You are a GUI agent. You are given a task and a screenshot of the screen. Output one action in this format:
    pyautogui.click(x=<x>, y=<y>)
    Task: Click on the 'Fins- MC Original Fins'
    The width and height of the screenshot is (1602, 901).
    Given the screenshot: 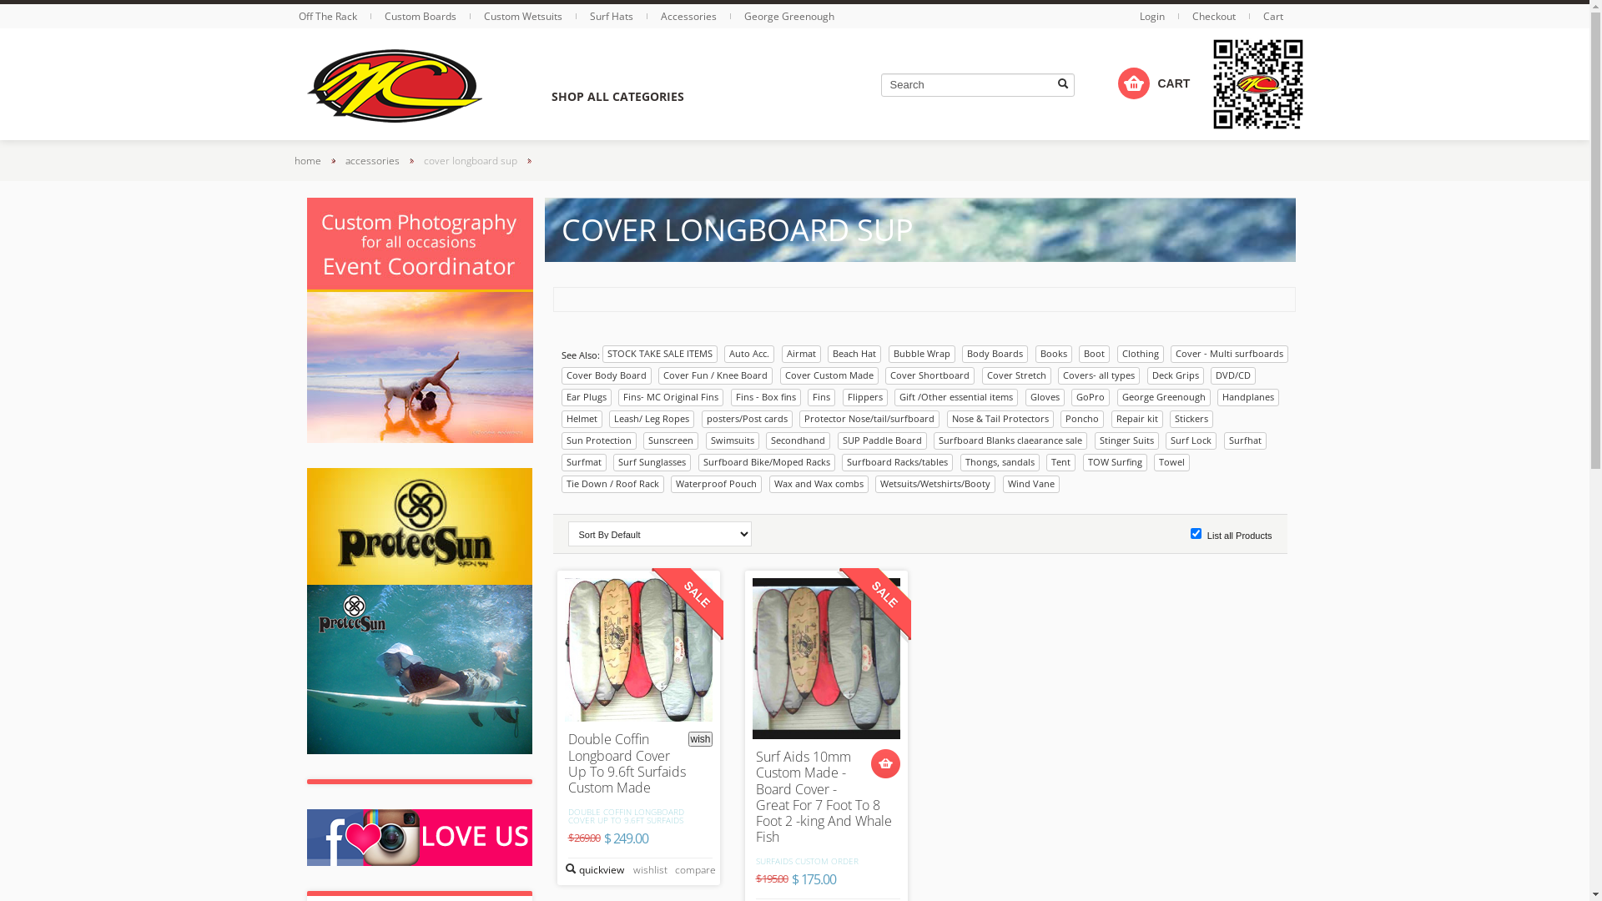 What is the action you would take?
    pyautogui.click(x=617, y=397)
    